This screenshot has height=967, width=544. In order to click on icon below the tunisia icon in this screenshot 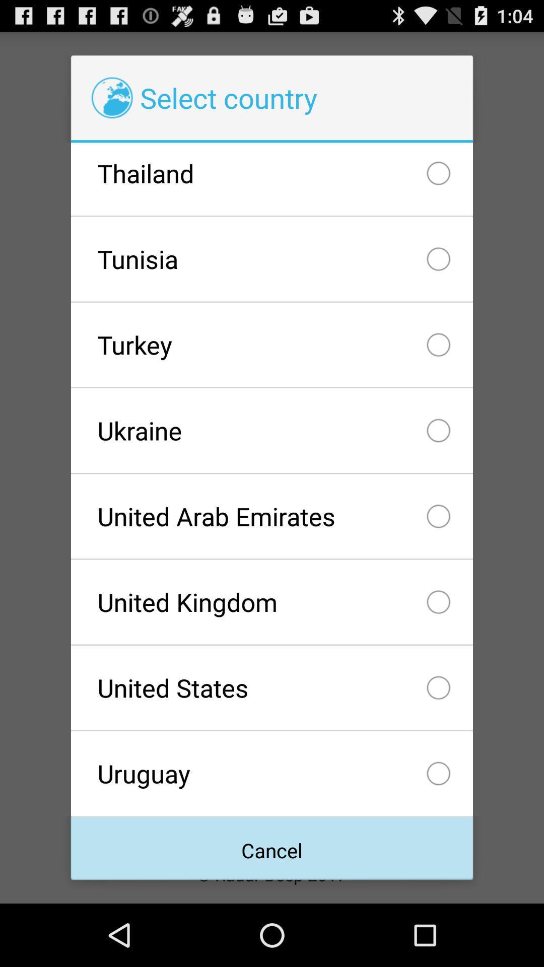, I will do `click(272, 344)`.